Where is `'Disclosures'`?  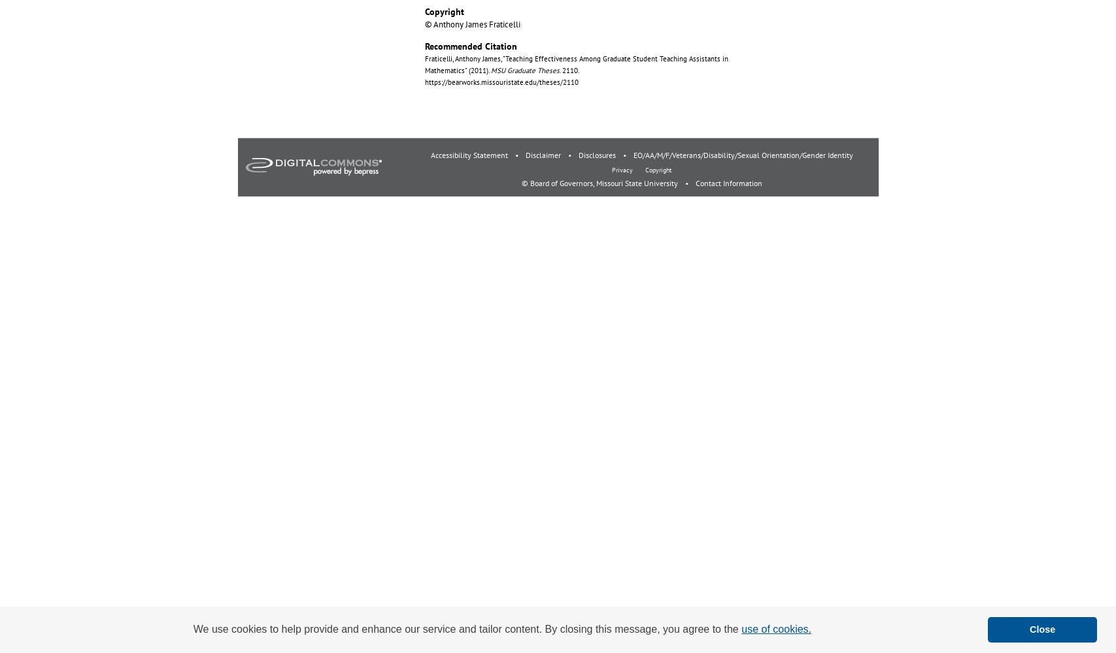
'Disclosures' is located at coordinates (596, 154).